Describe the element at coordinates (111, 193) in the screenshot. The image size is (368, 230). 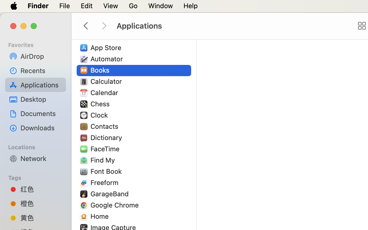
I see `'GarageBand'` at that location.